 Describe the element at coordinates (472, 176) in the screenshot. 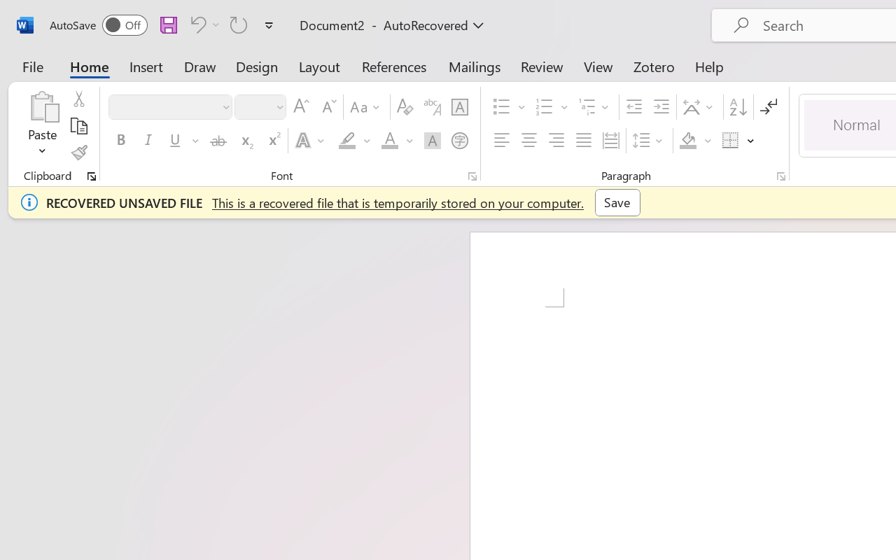

I see `'Font...'` at that location.